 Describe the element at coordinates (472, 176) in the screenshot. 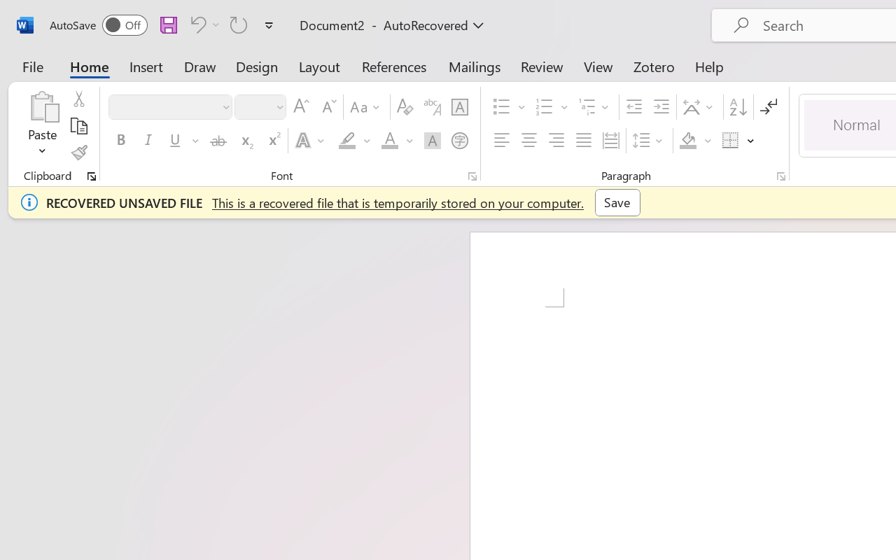

I see `'Font...'` at that location.